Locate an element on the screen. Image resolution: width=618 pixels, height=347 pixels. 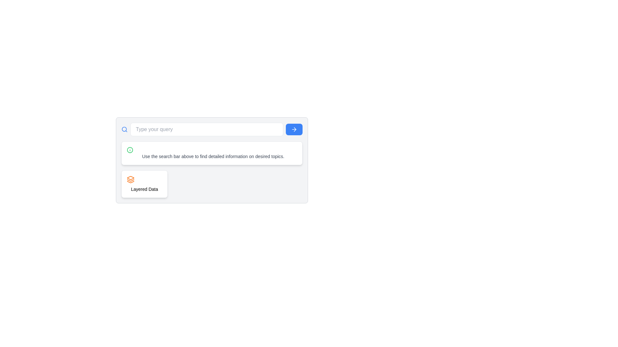
the arrow icon located within the button in the bottom-right portion of the search interface is located at coordinates (294, 129).